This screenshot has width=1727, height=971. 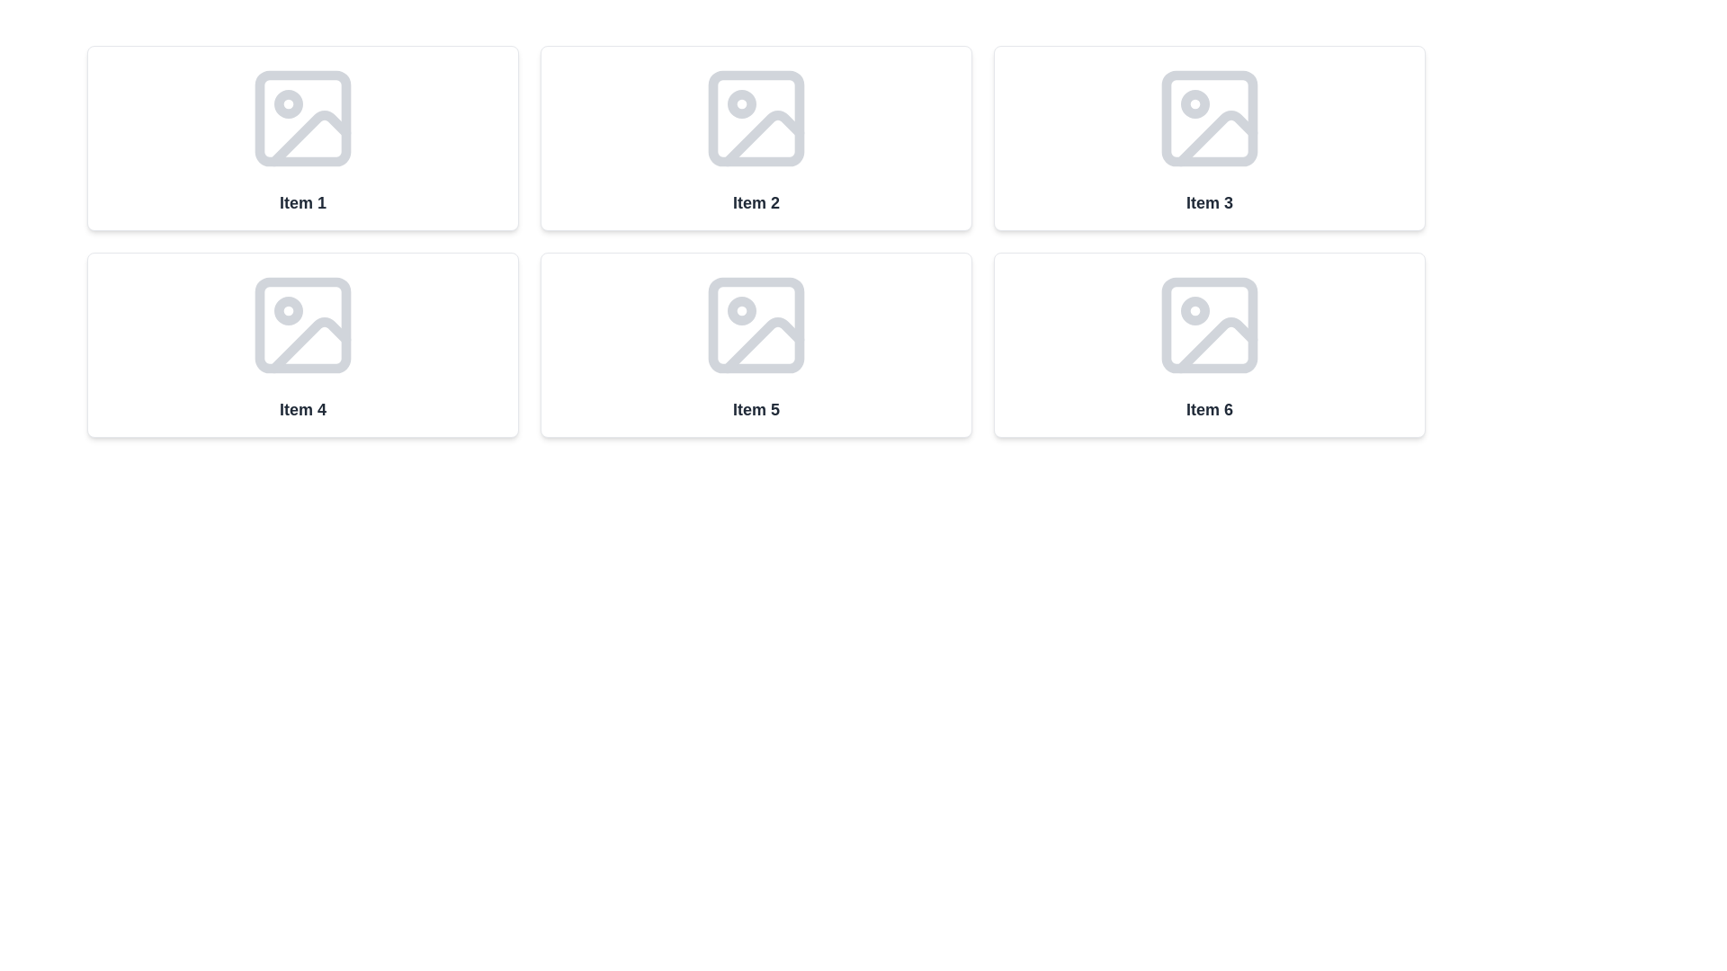 What do you see at coordinates (756, 118) in the screenshot?
I see `the icon resembling a stylized image placeholder in the upper center of the card titled 'Item 2' by moving the cursor to its center` at bounding box center [756, 118].